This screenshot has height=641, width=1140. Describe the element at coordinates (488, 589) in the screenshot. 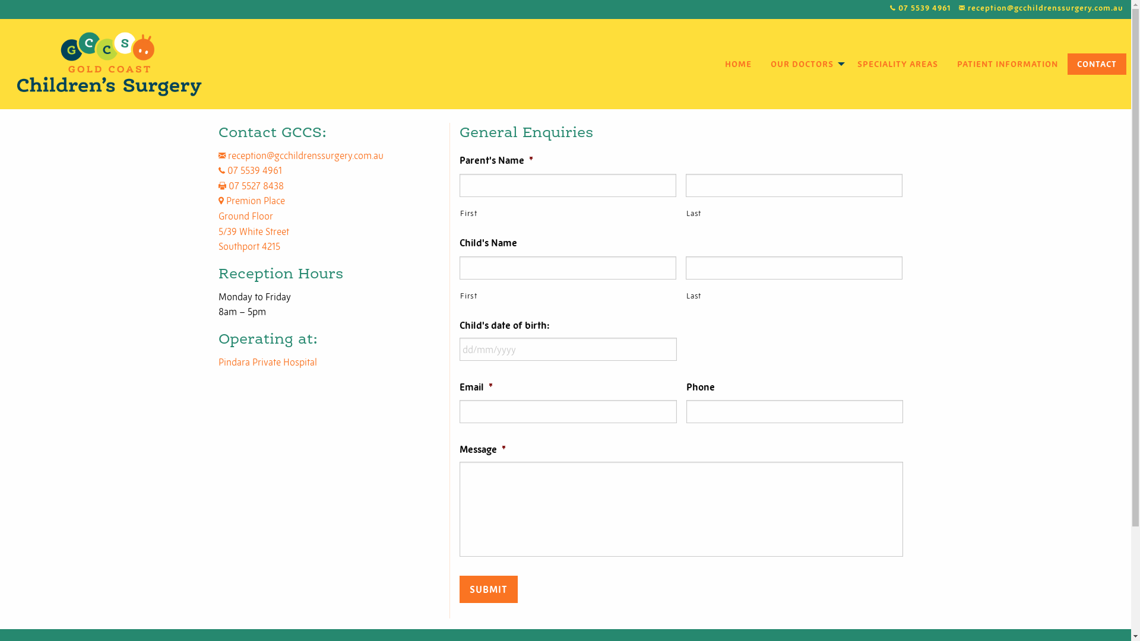

I see `'Submit'` at that location.